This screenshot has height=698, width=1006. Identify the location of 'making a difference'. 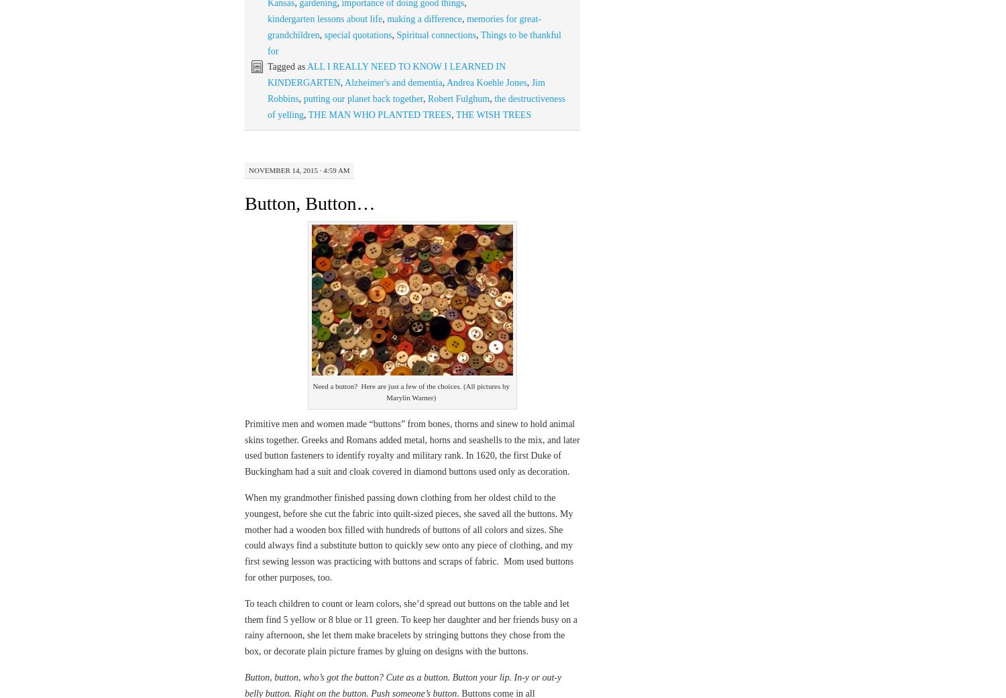
(424, 17).